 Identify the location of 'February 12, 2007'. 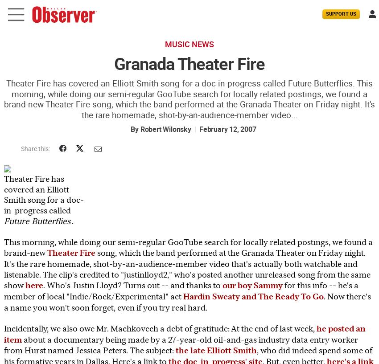
(198, 129).